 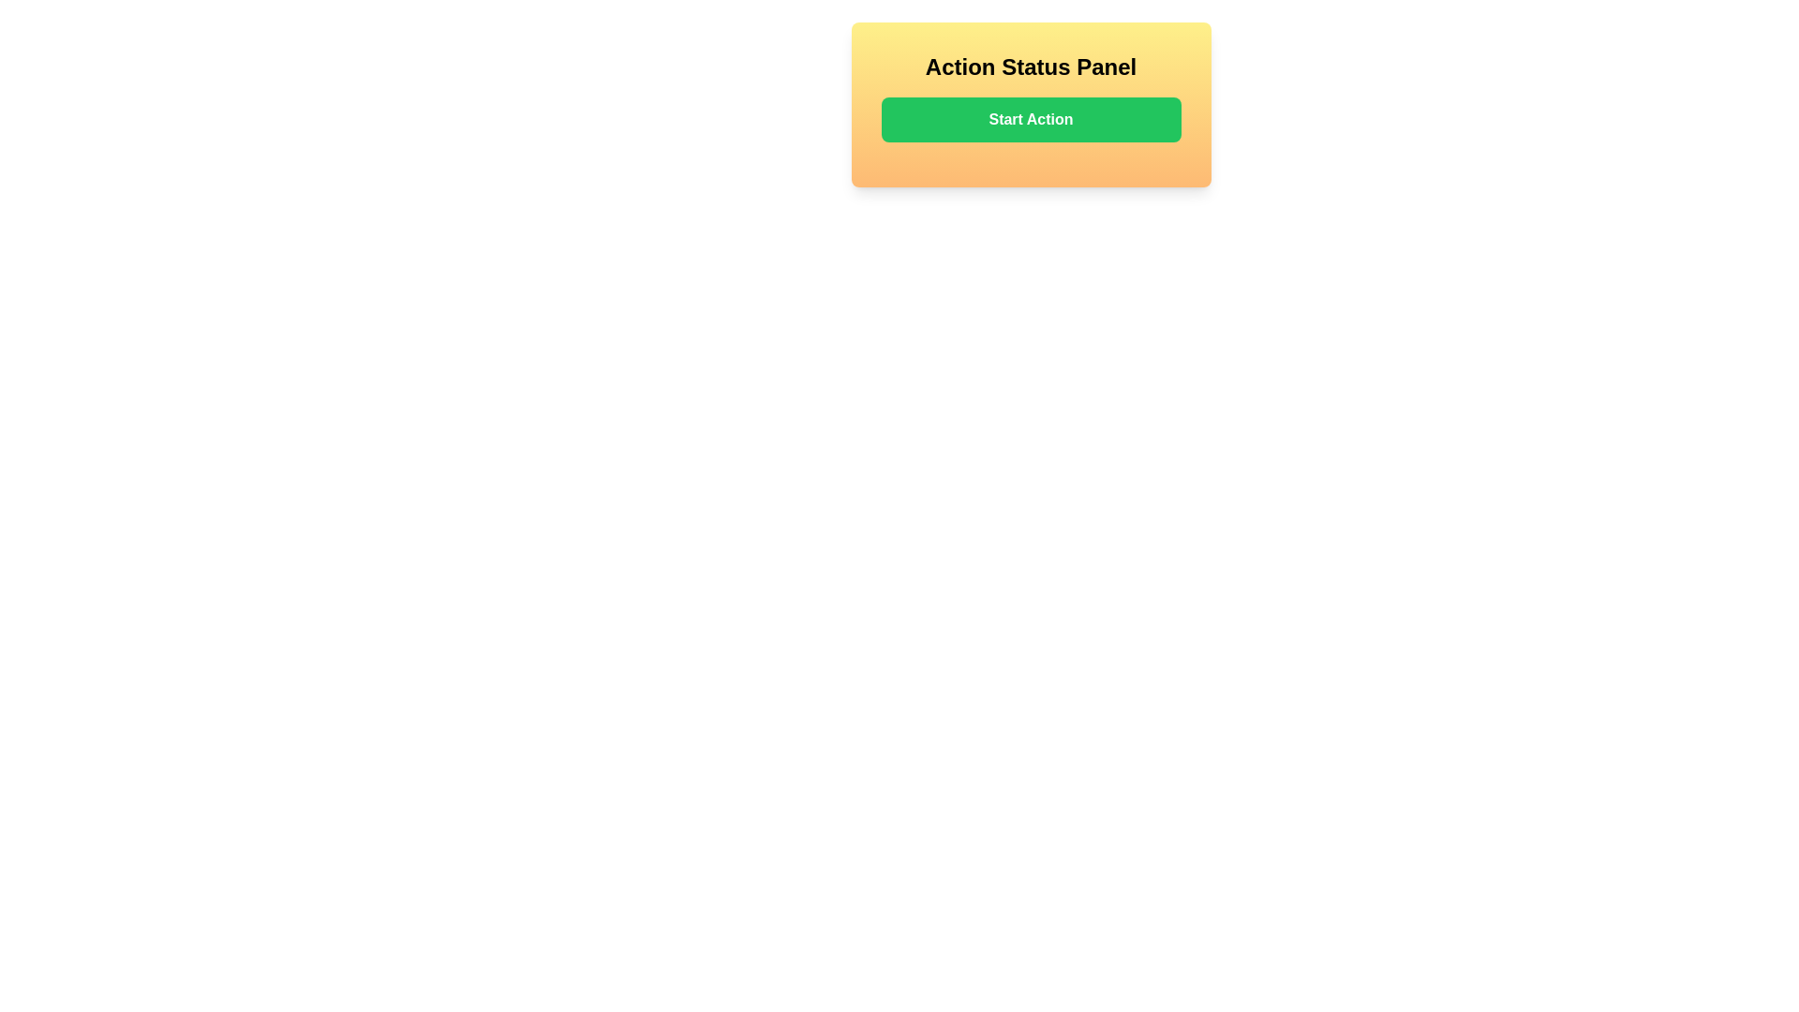 I want to click on the bold title text 'Action Status Panel' which is centered at the top of a rectangular card with a gradient background transitioning from yellow to orange, so click(x=1030, y=67).